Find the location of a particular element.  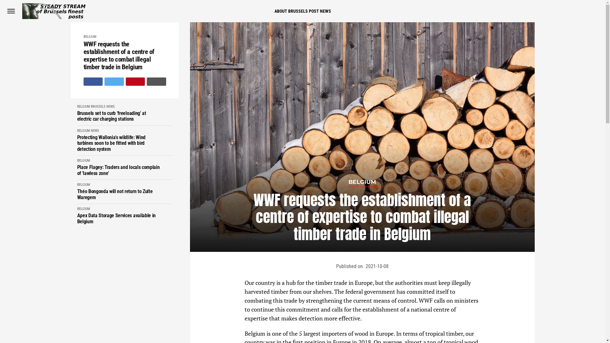

'Share on Facebook' is located at coordinates (92, 81).